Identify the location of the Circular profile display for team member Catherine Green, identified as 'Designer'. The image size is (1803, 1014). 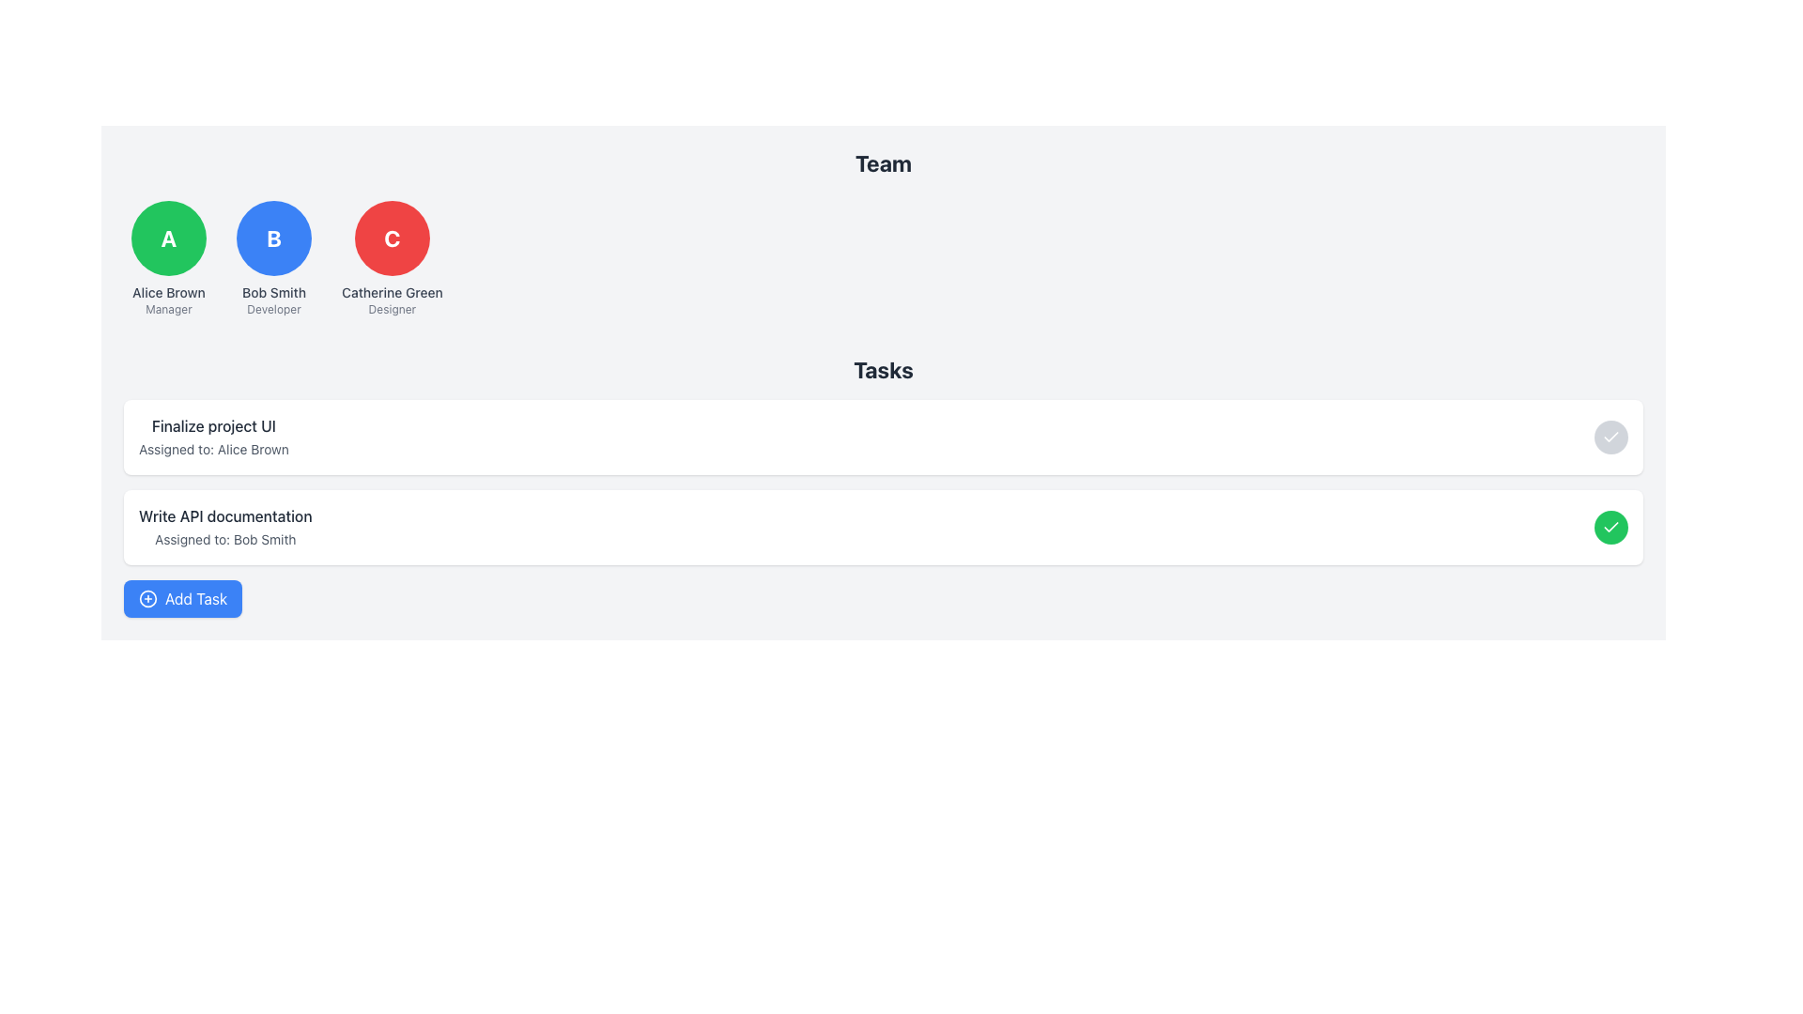
(391, 259).